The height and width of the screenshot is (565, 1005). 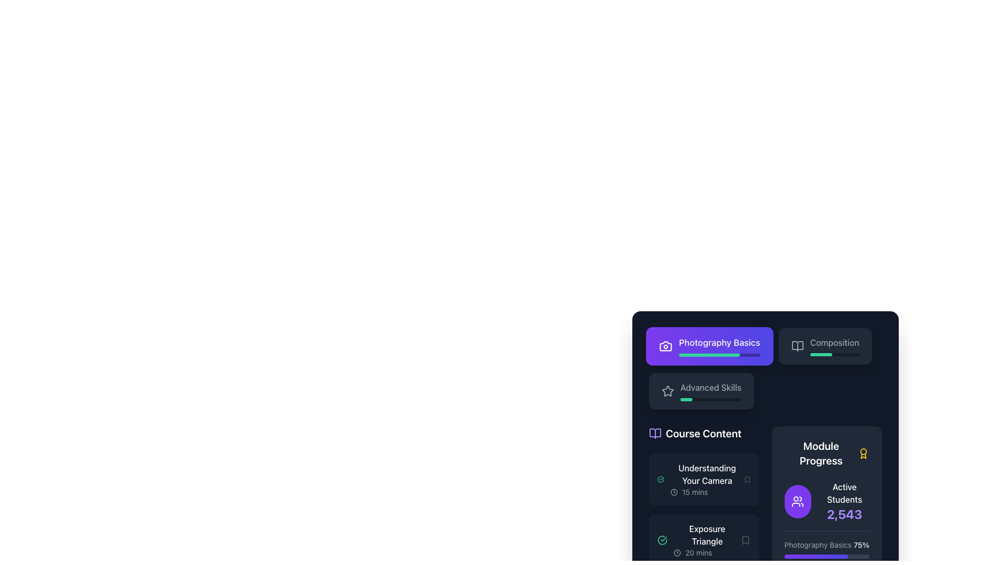 What do you see at coordinates (655, 434) in the screenshot?
I see `the icon resembling an open book, styled in violet, located to the left of the 'Course Content' title` at bounding box center [655, 434].